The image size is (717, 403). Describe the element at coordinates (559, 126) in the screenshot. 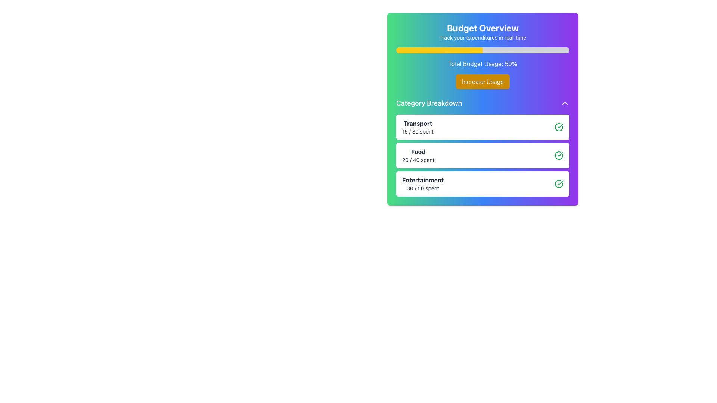

I see `the Status indicator icon located at the rightmost position in the 'Transport' category row` at that location.